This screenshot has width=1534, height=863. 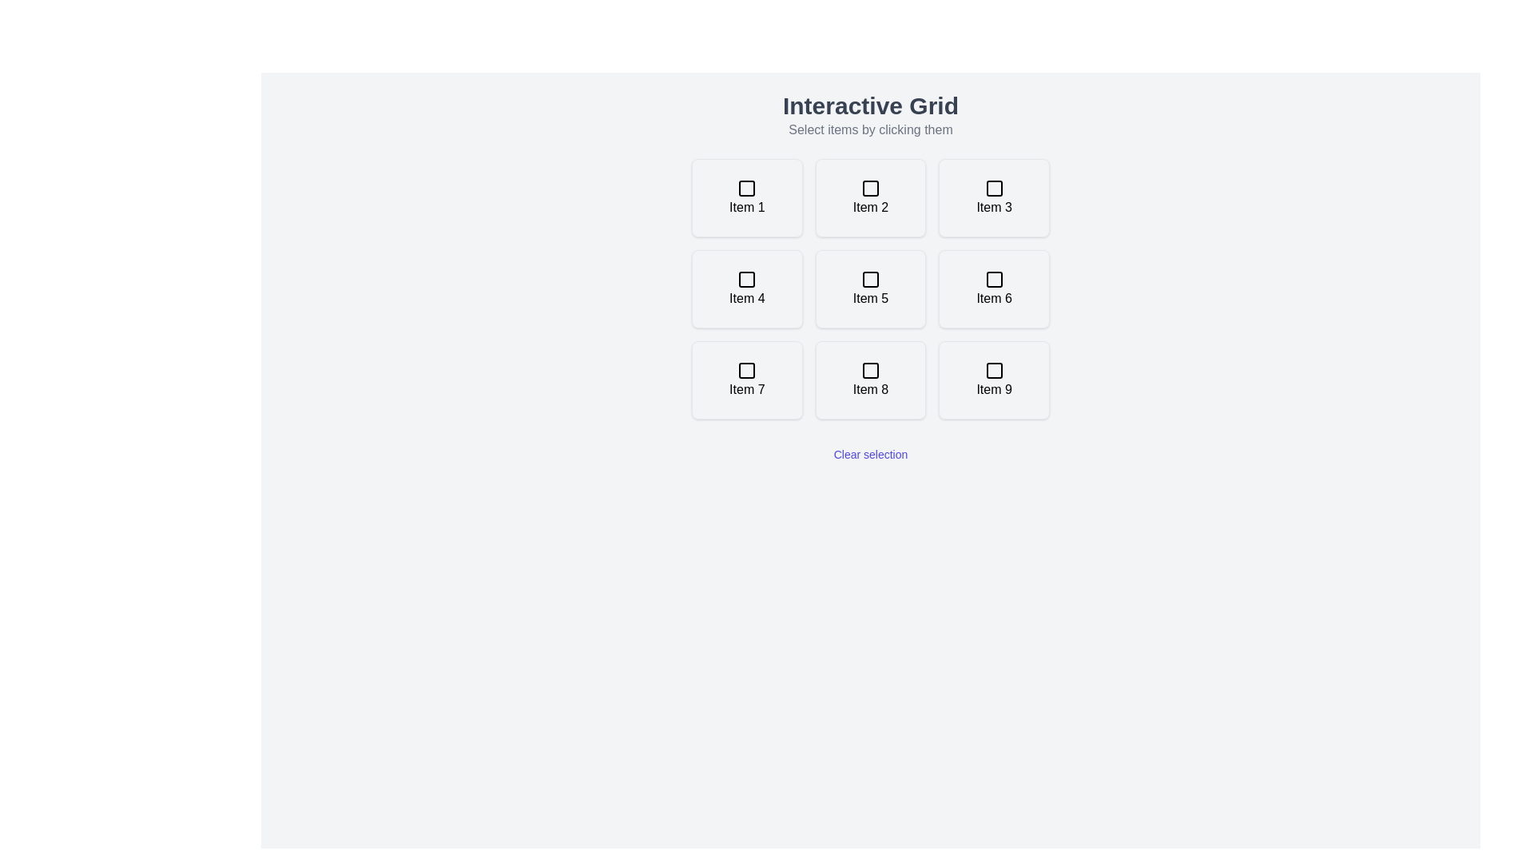 What do you see at coordinates (869, 279) in the screenshot?
I see `the grid item icon representing 'Item 5', located centrally within the grid layout` at bounding box center [869, 279].